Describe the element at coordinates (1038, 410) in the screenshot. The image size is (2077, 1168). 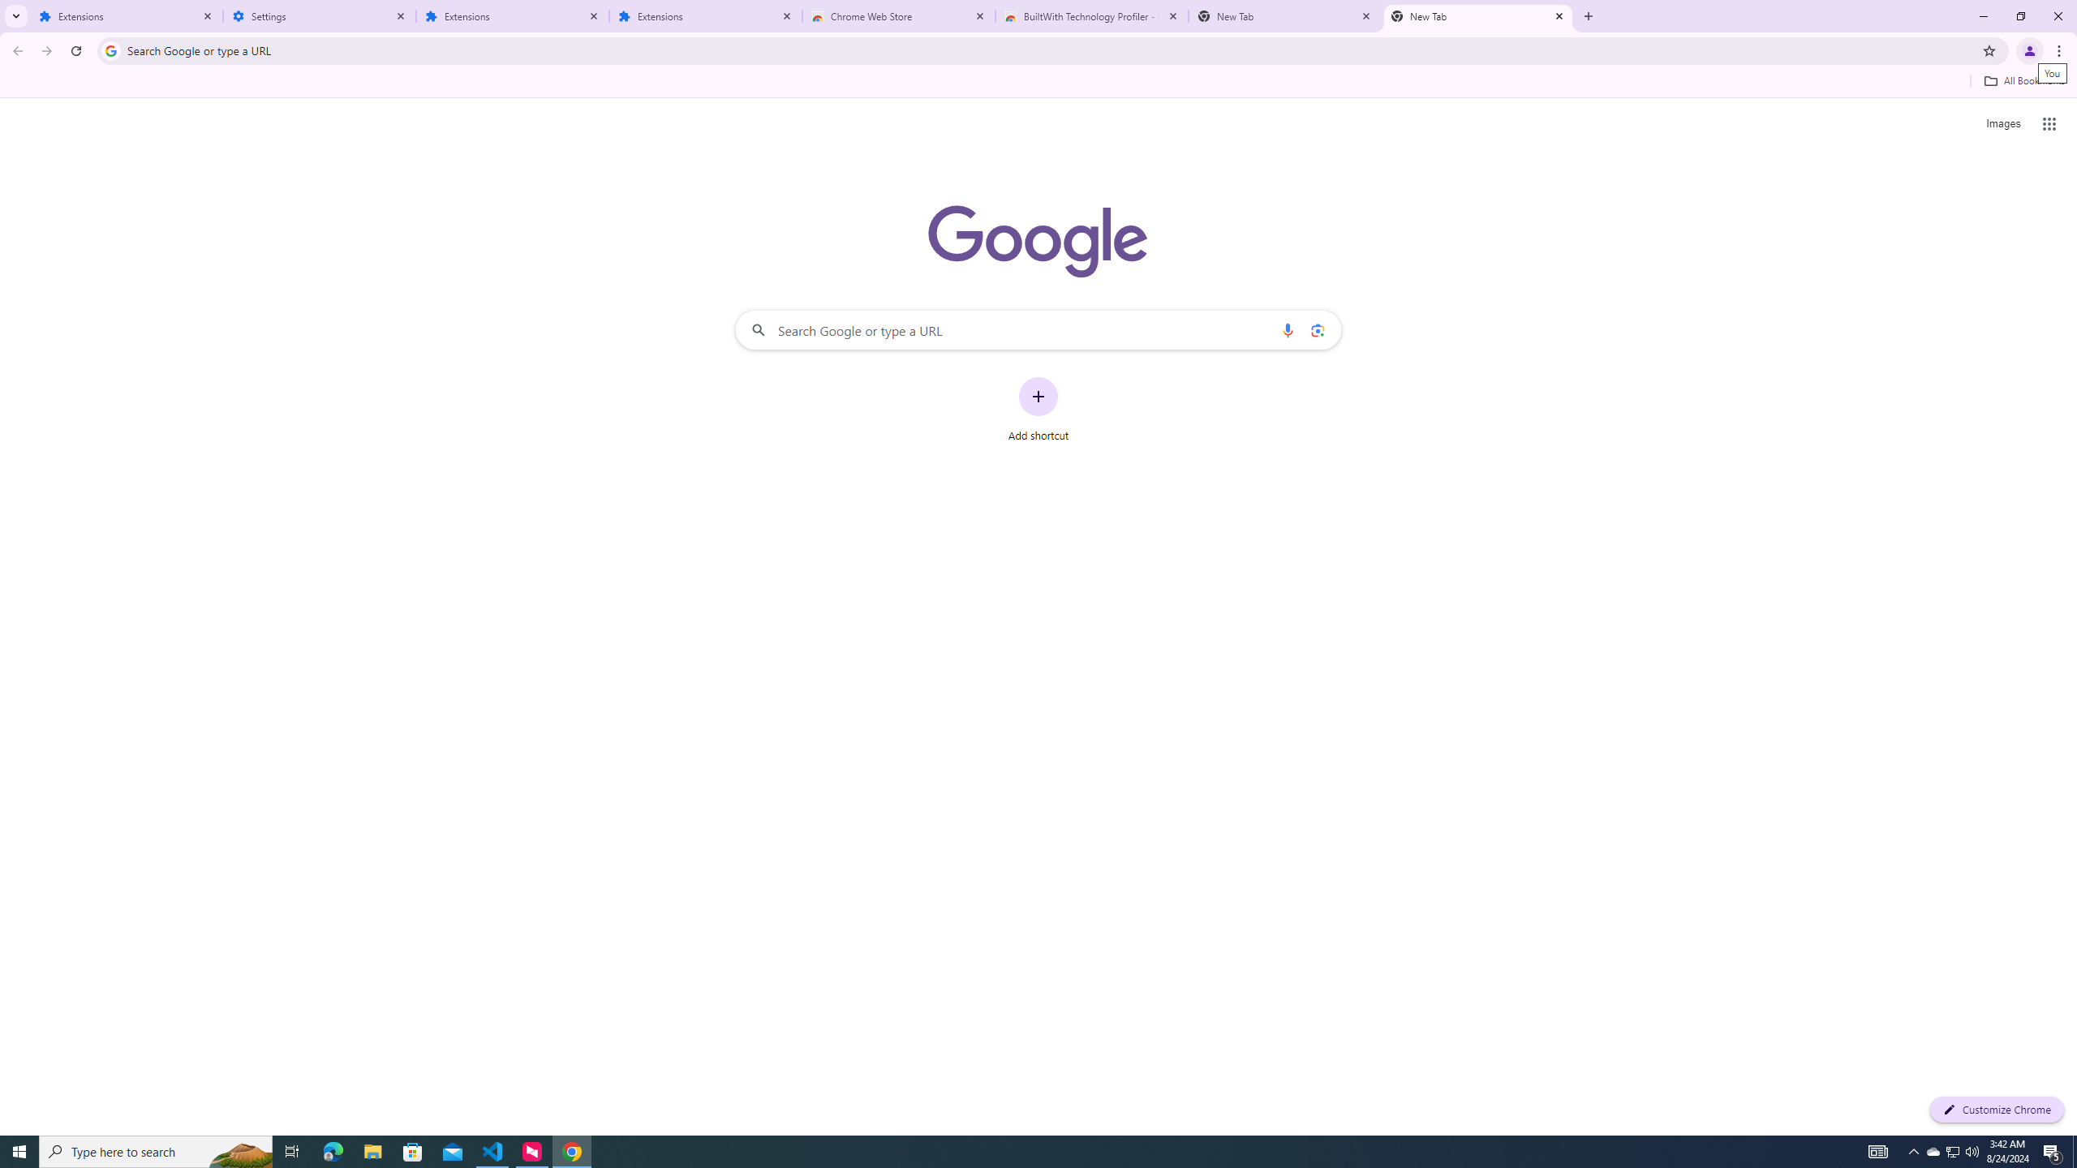
I see `'Add shortcut'` at that location.